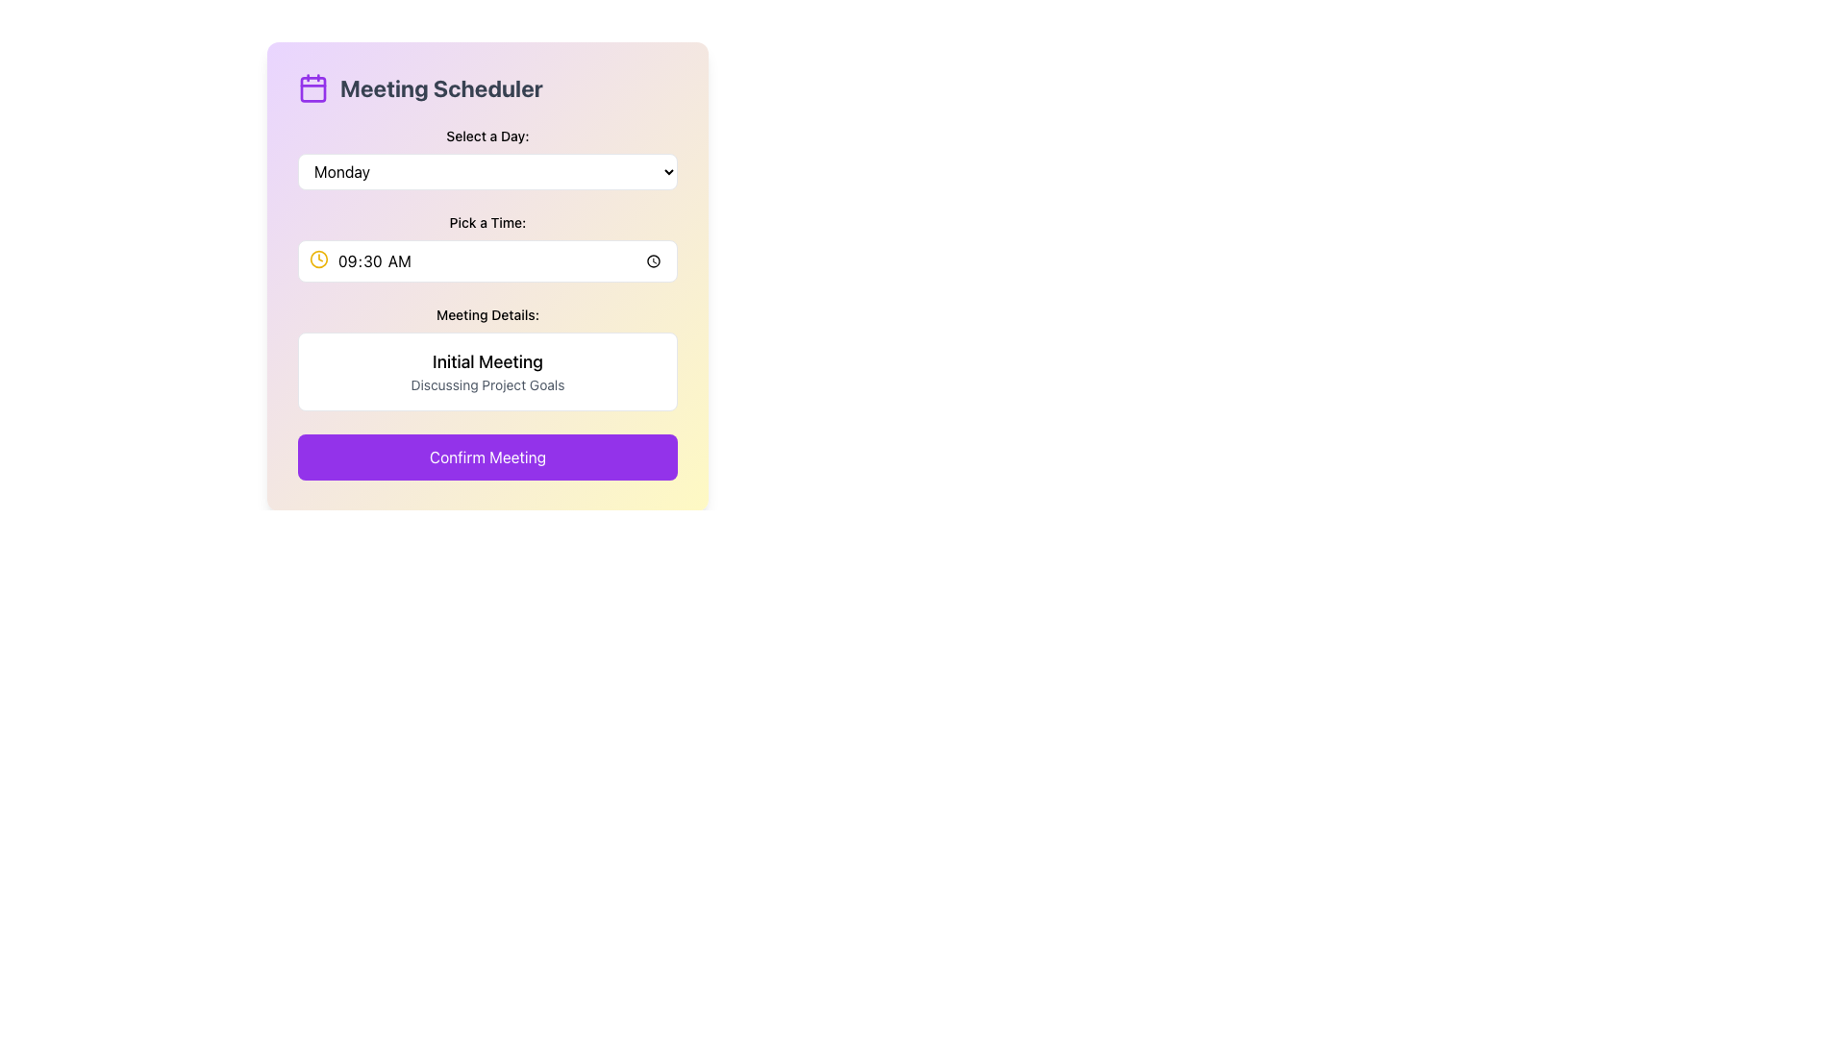 Image resolution: width=1846 pixels, height=1038 pixels. I want to click on the 'Confirm Meeting' button, which is a rectangular button with rounded corners and a vibrant purple background, so click(487, 457).